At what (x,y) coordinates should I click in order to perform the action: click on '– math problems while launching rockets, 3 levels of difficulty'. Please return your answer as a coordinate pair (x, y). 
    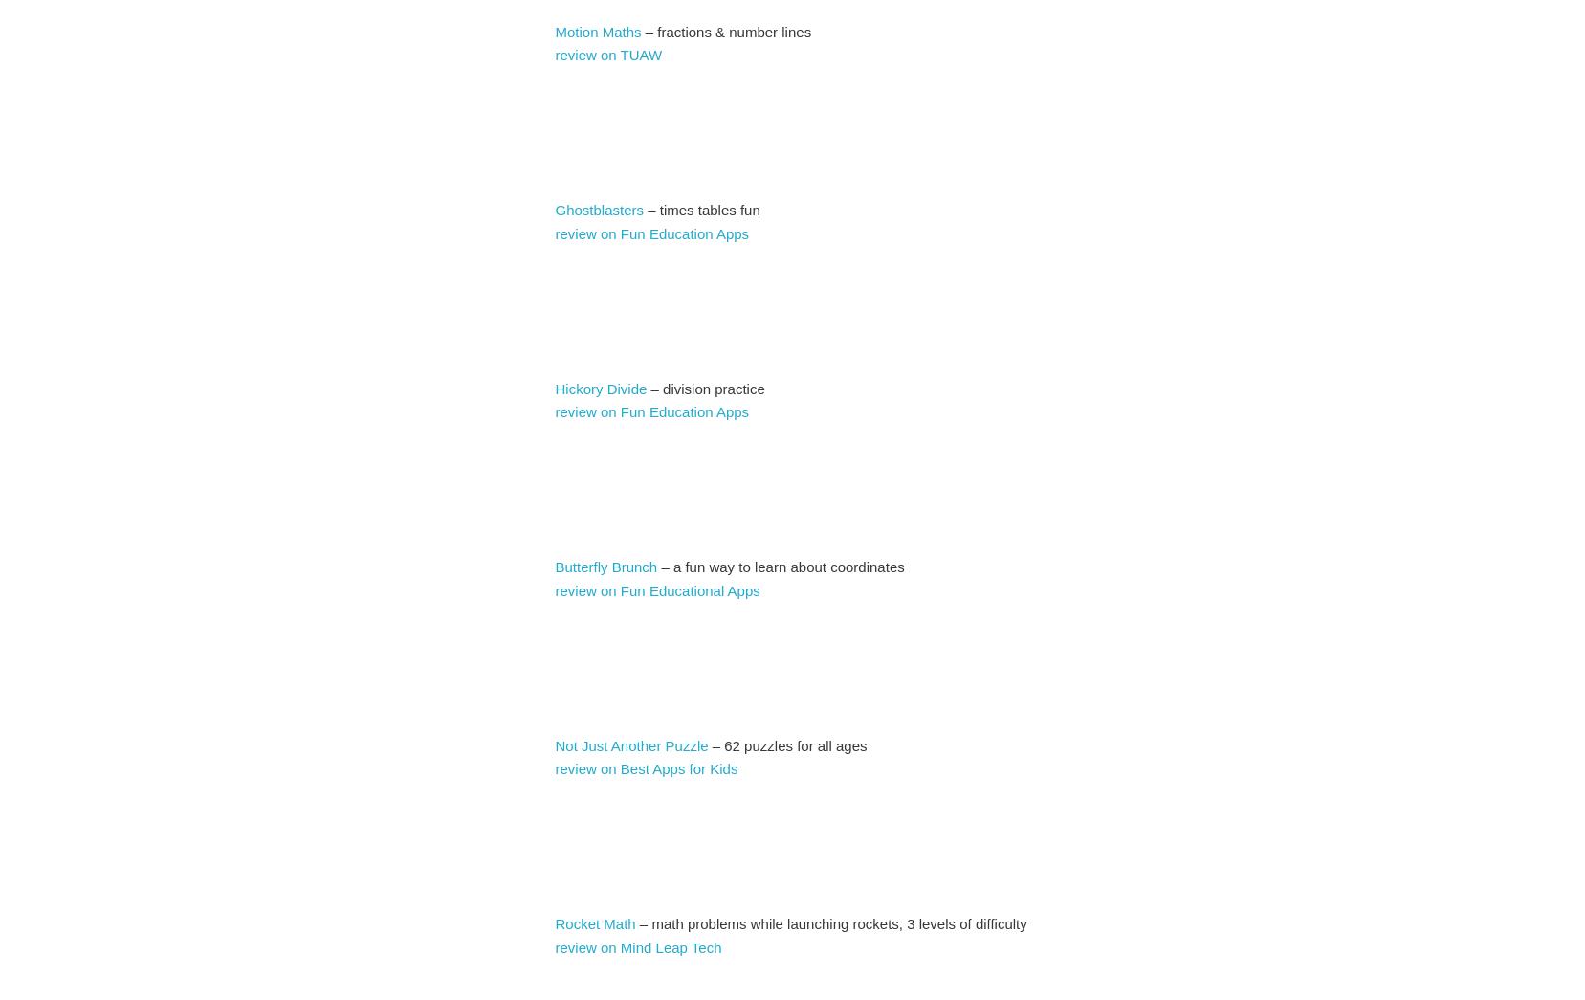
    Looking at the image, I should click on (830, 922).